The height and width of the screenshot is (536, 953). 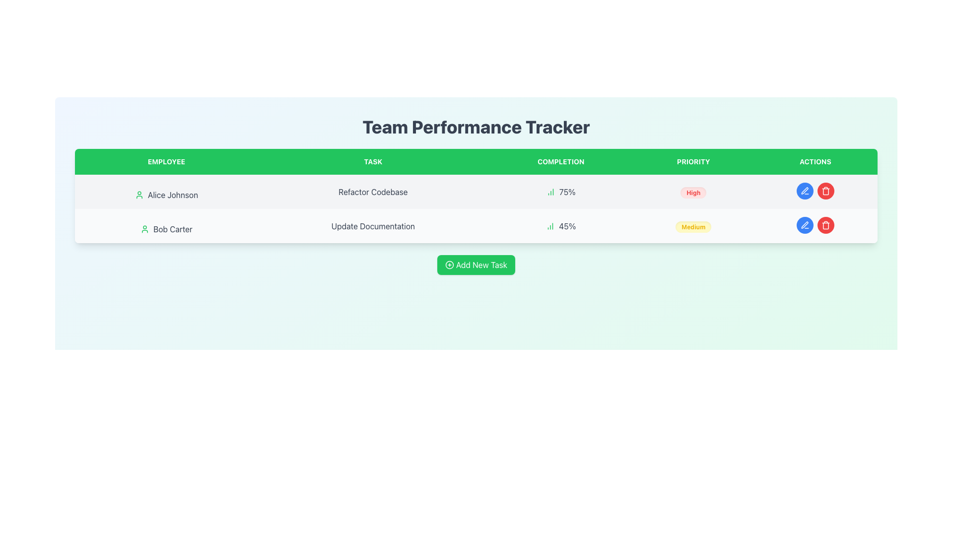 What do you see at coordinates (693, 226) in the screenshot?
I see `the yellow pill-shaped badge displaying the text 'Medium' in bold yellow font, located in the 'Priority' column of the second row in the 'Team Performance Tracker' table, aligned with the 'Bob Carter' entry` at bounding box center [693, 226].